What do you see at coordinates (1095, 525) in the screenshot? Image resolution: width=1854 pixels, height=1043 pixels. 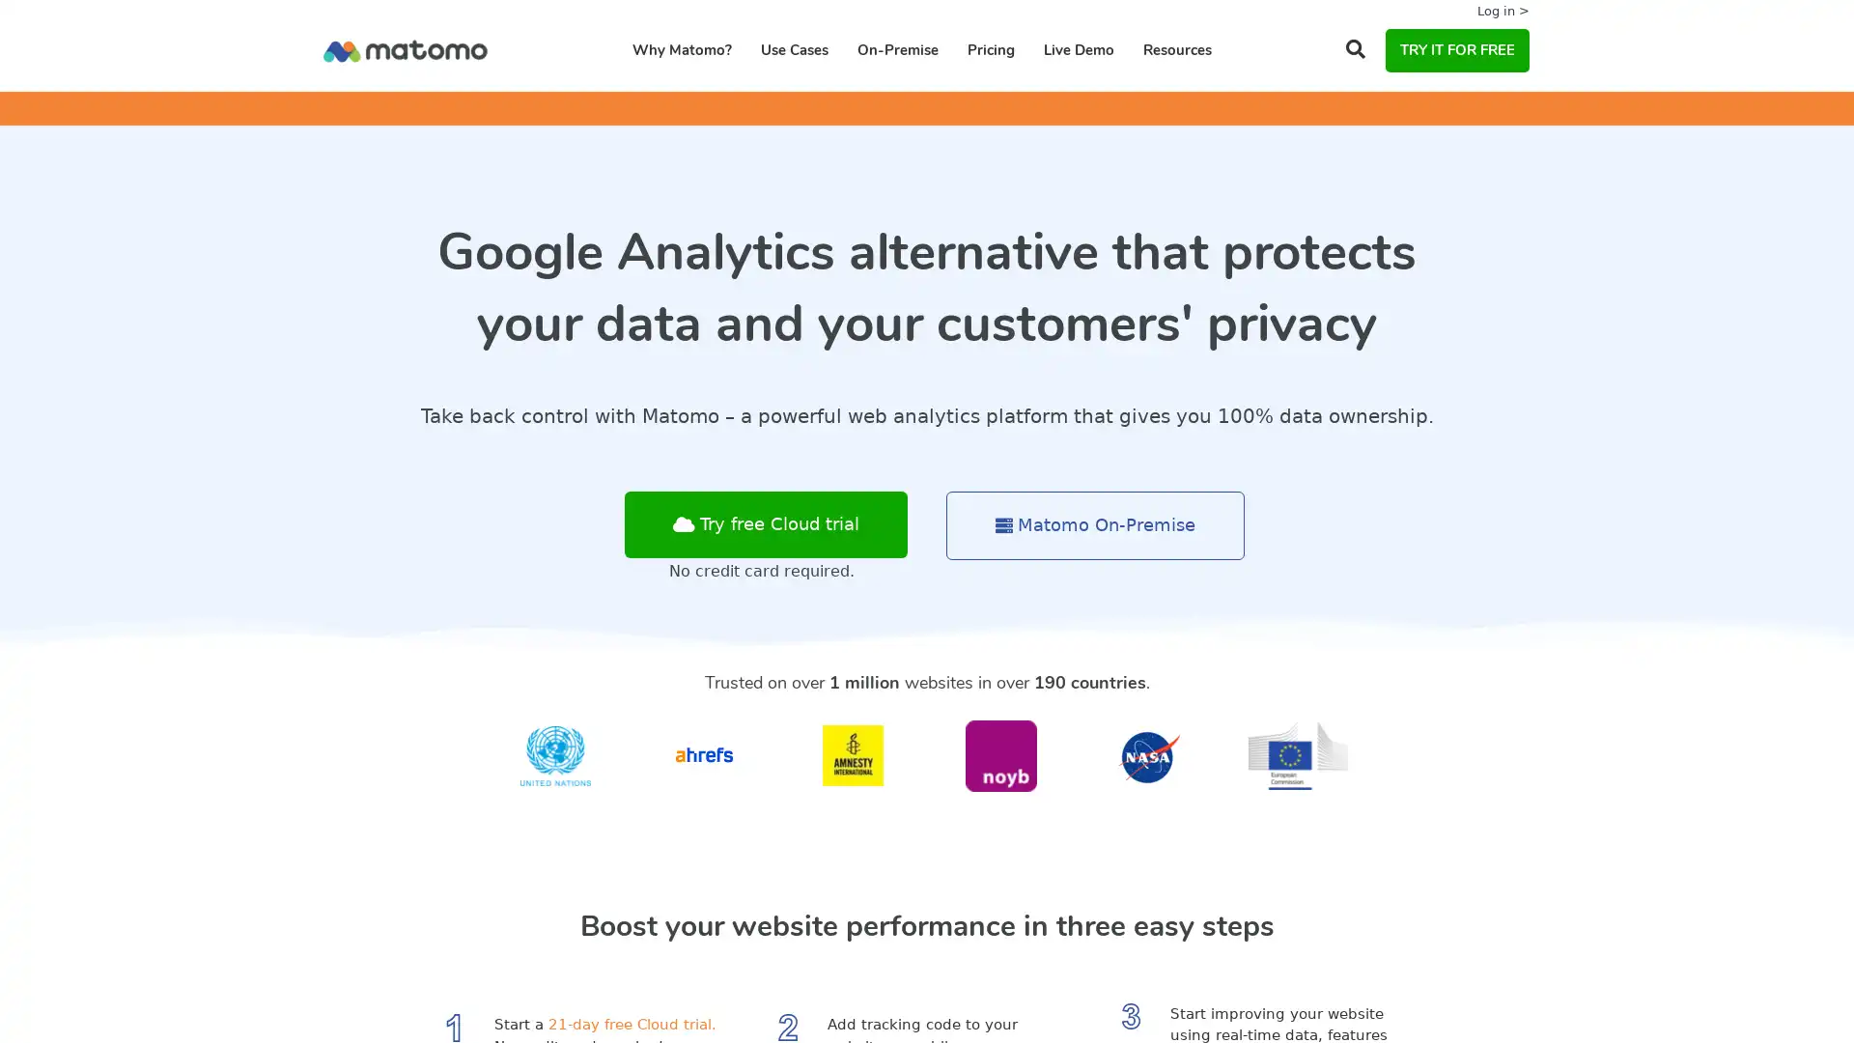 I see `Matomo On-Premise` at bounding box center [1095, 525].